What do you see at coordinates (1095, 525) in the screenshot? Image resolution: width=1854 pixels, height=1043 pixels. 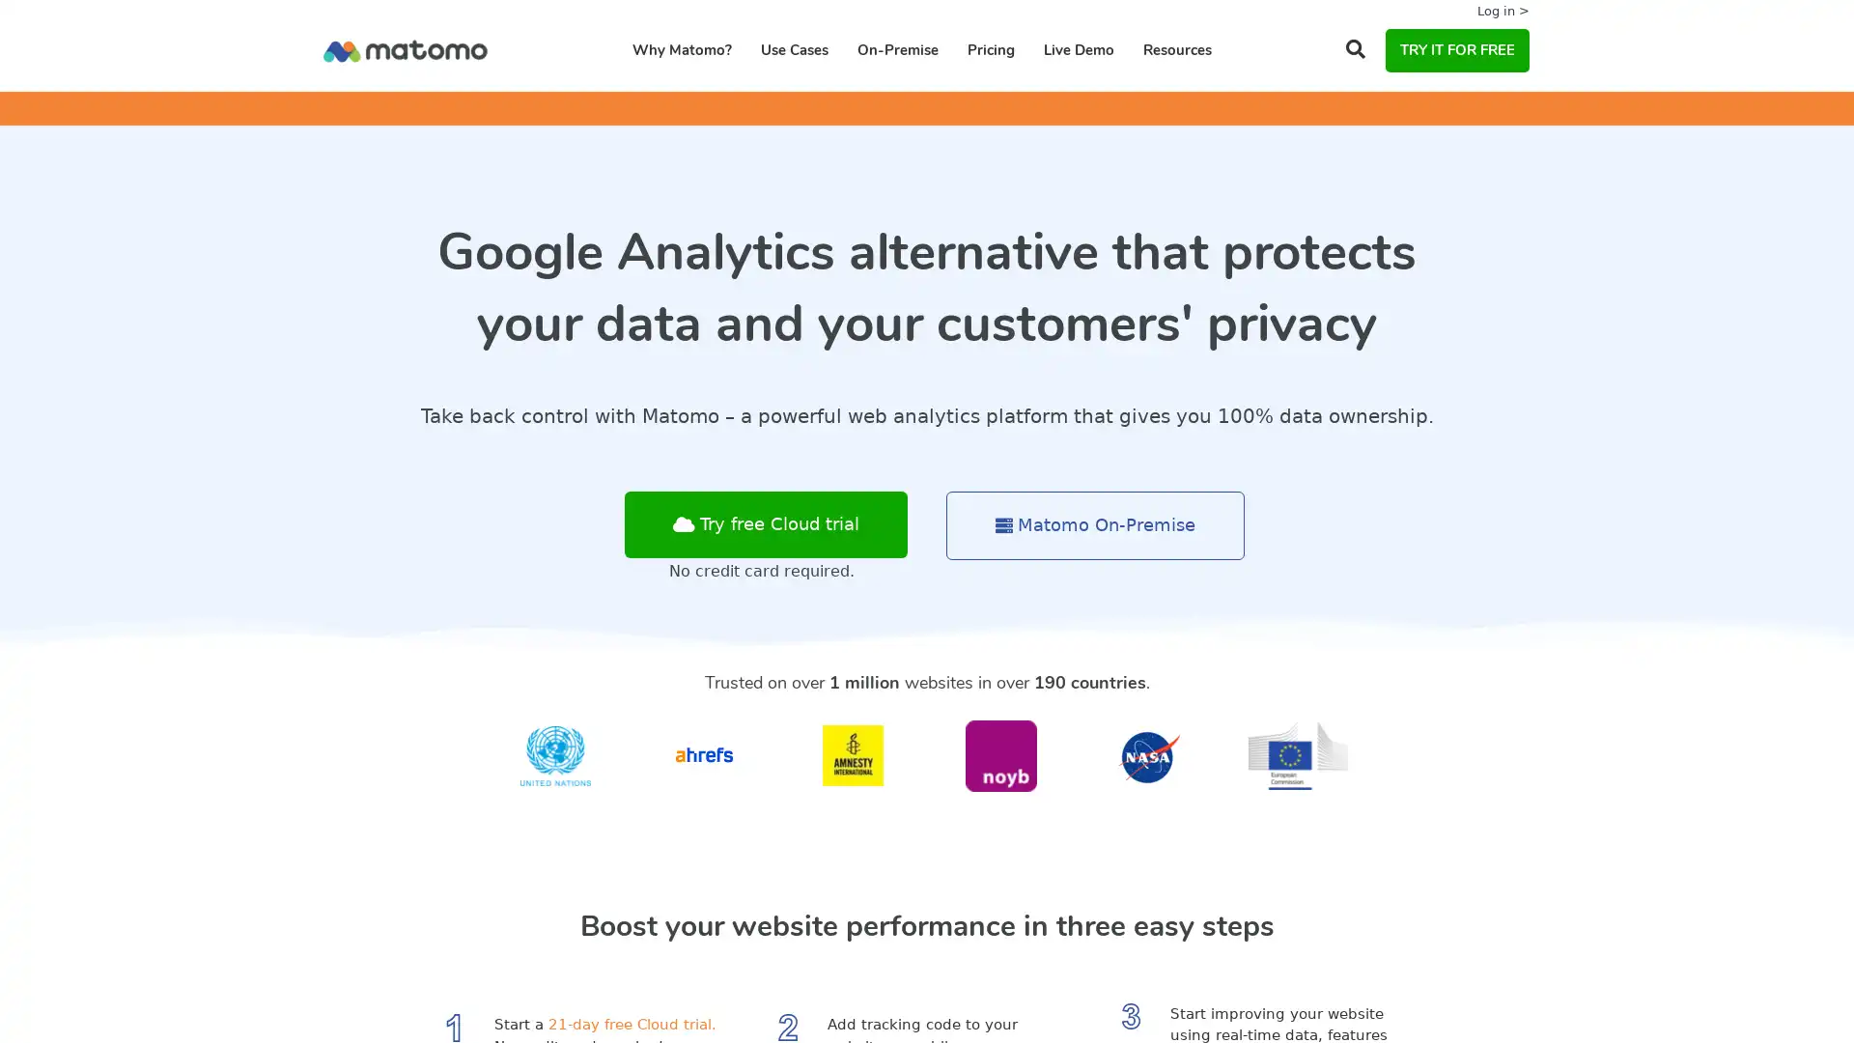 I see `Matomo On-Premise` at bounding box center [1095, 525].